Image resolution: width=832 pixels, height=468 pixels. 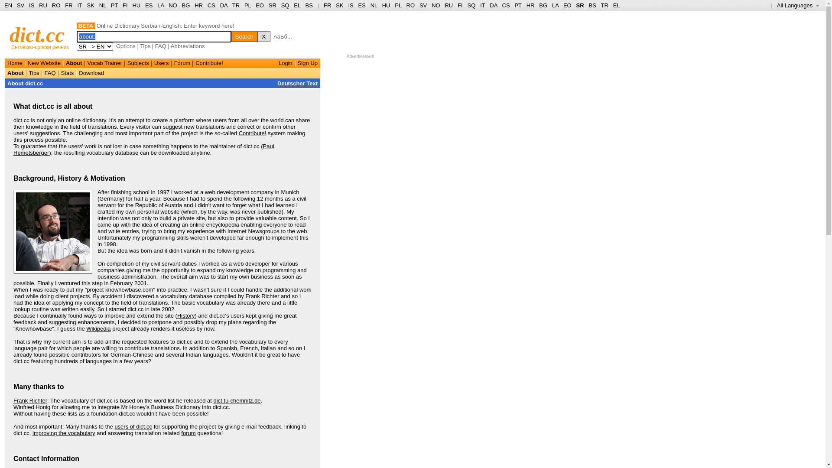 What do you see at coordinates (308, 62) in the screenshot?
I see `'Sign Up'` at bounding box center [308, 62].